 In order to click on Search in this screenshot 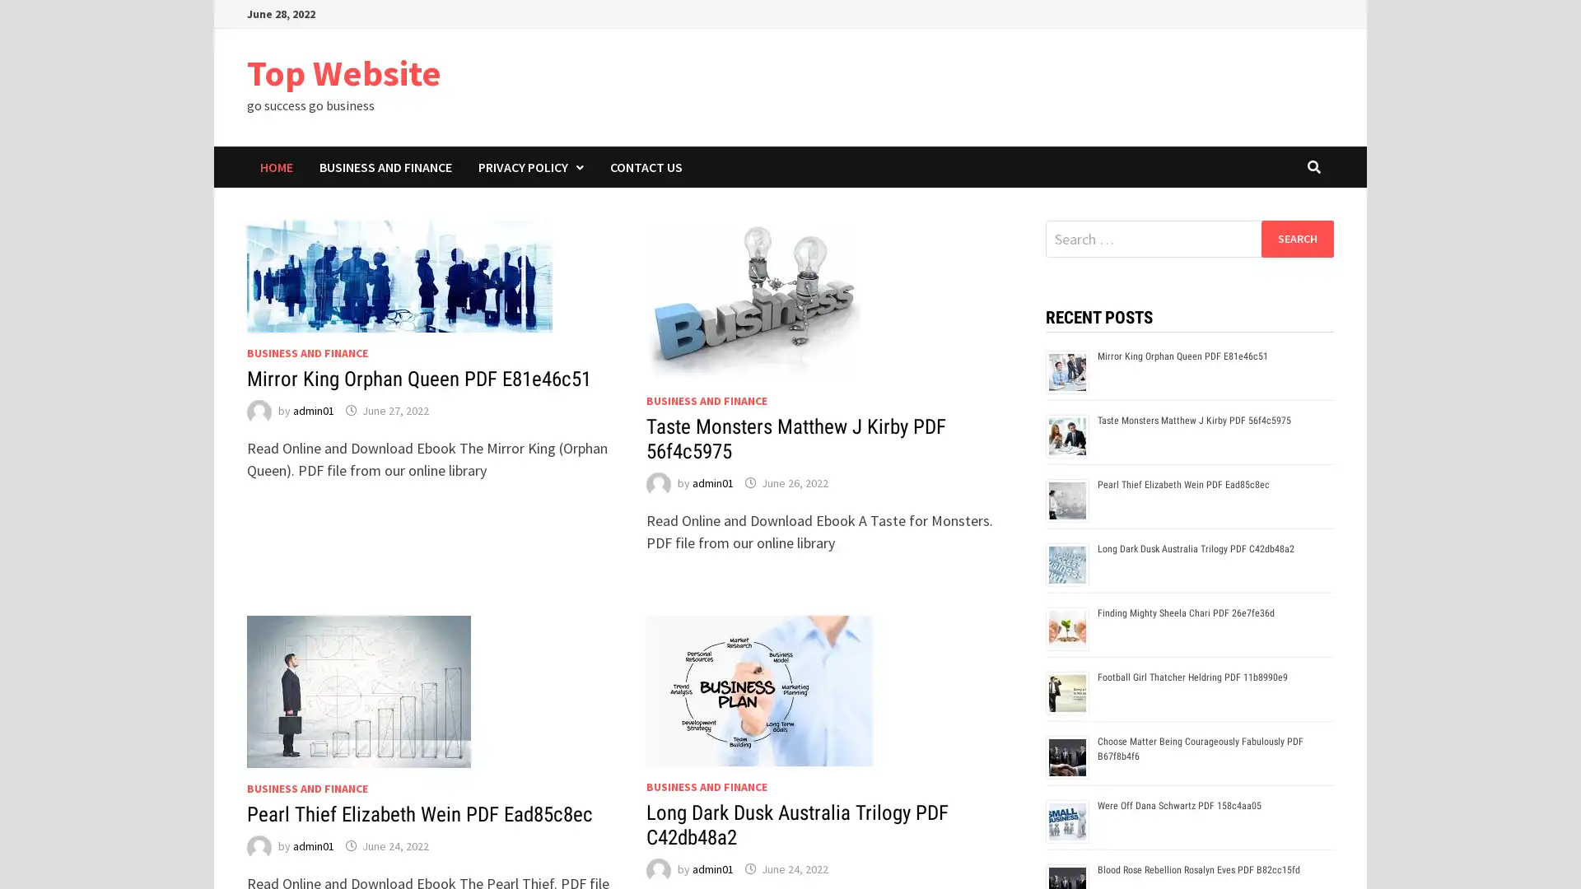, I will do `click(1296, 238)`.